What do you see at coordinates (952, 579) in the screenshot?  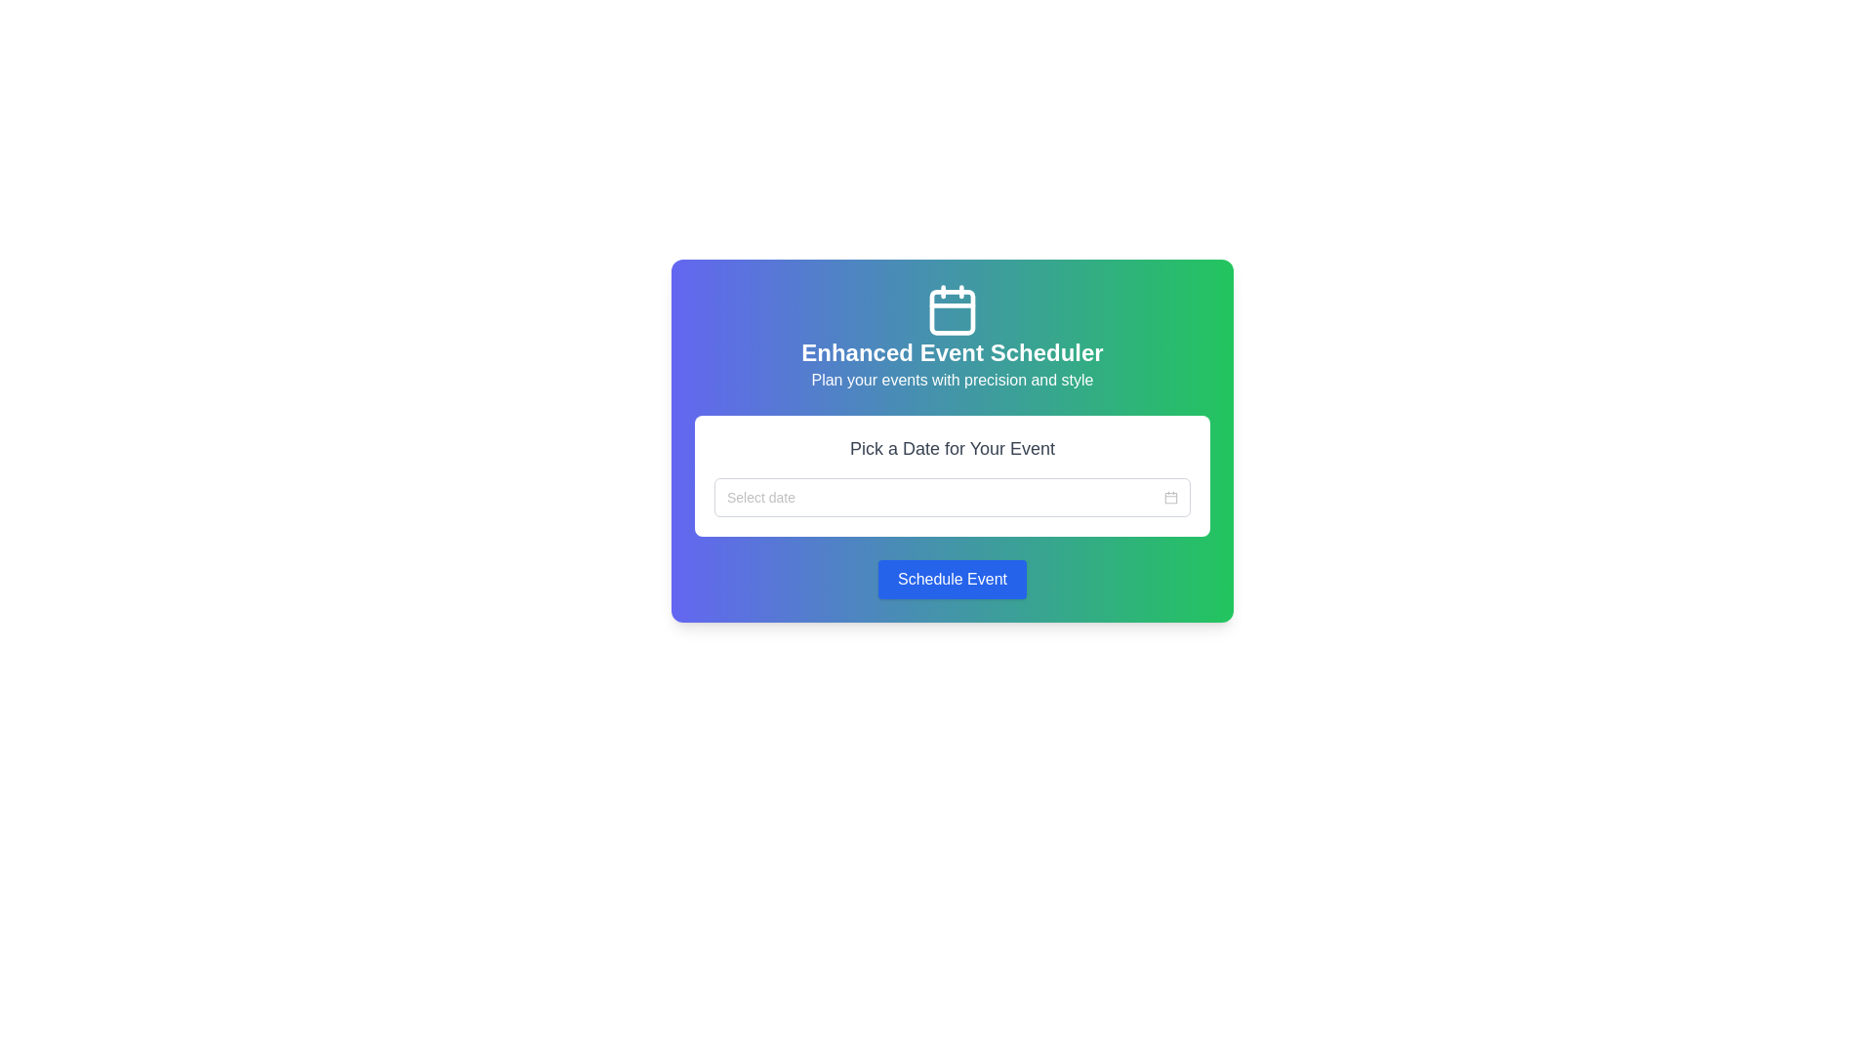 I see `the blue button labeled 'Schedule Event' at the bottom of the card-like section` at bounding box center [952, 579].